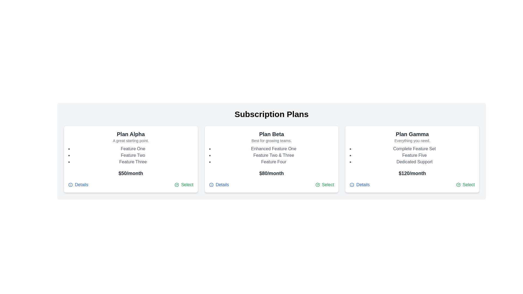 Image resolution: width=523 pixels, height=294 pixels. Describe the element at coordinates (211, 184) in the screenshot. I see `the Informational icon located to the left of the 'Details' text link in the 'Plan Beta' section to interact with the link` at that location.